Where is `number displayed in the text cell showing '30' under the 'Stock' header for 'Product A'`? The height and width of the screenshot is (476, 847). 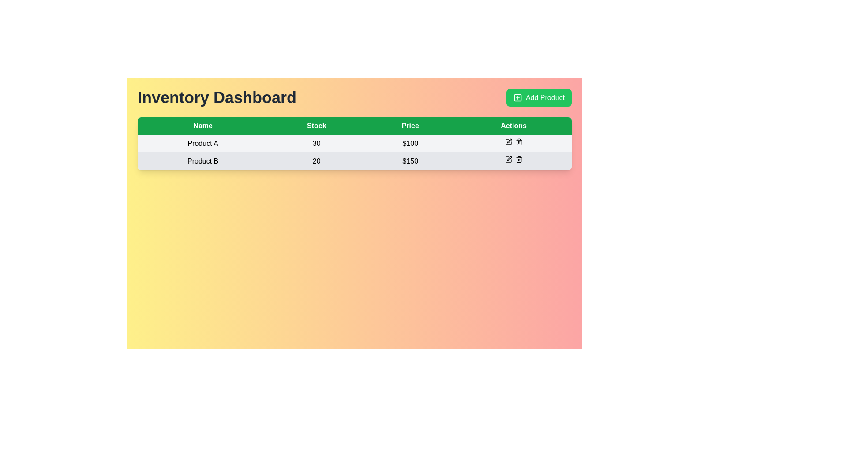
number displayed in the text cell showing '30' under the 'Stock' header for 'Product A' is located at coordinates (316, 143).